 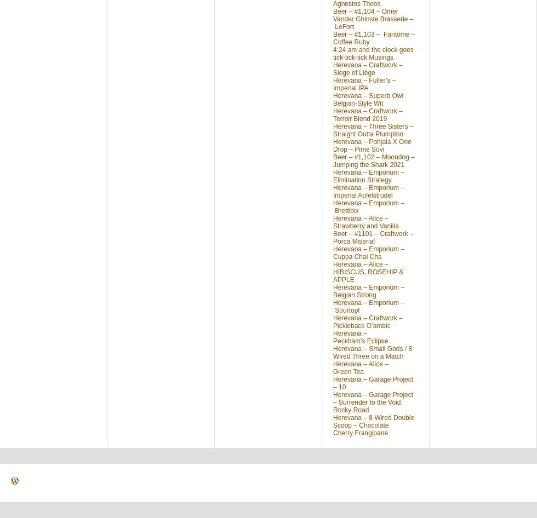 What do you see at coordinates (368, 252) in the screenshot?
I see `'Herevana – Emporium – Cuppa Chai Cha'` at bounding box center [368, 252].